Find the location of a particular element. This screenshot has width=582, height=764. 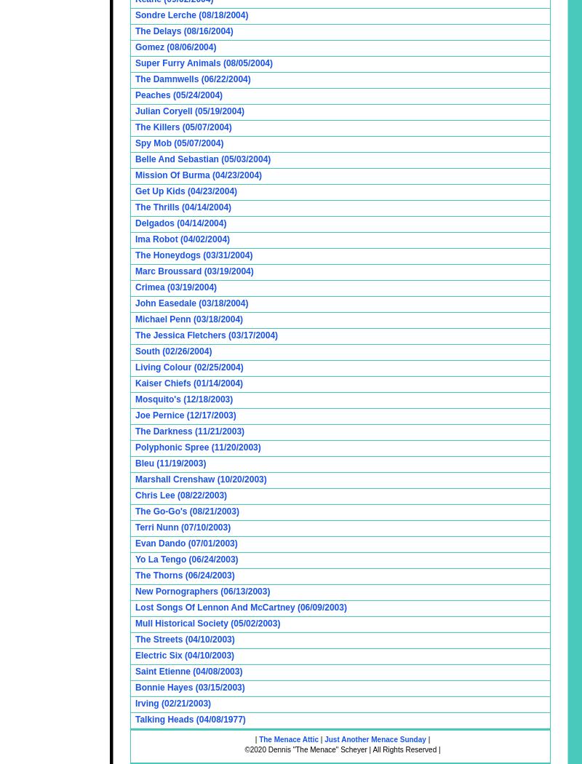

'Terri Nunn (07/10/2003)' is located at coordinates (182, 527).